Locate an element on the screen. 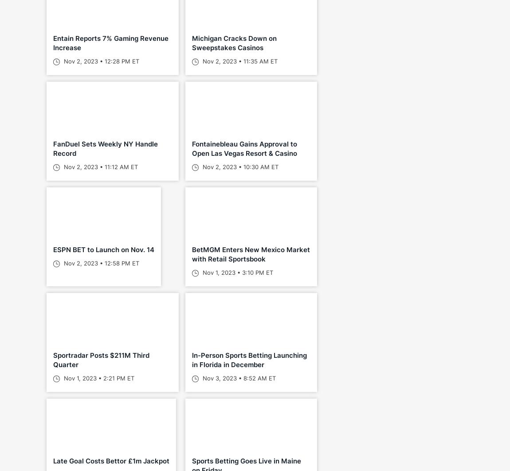 This screenshot has height=471, width=510. 'Fontainebleau Gains Approval to Open Las Vegas Resort & Casino' is located at coordinates (192, 148).